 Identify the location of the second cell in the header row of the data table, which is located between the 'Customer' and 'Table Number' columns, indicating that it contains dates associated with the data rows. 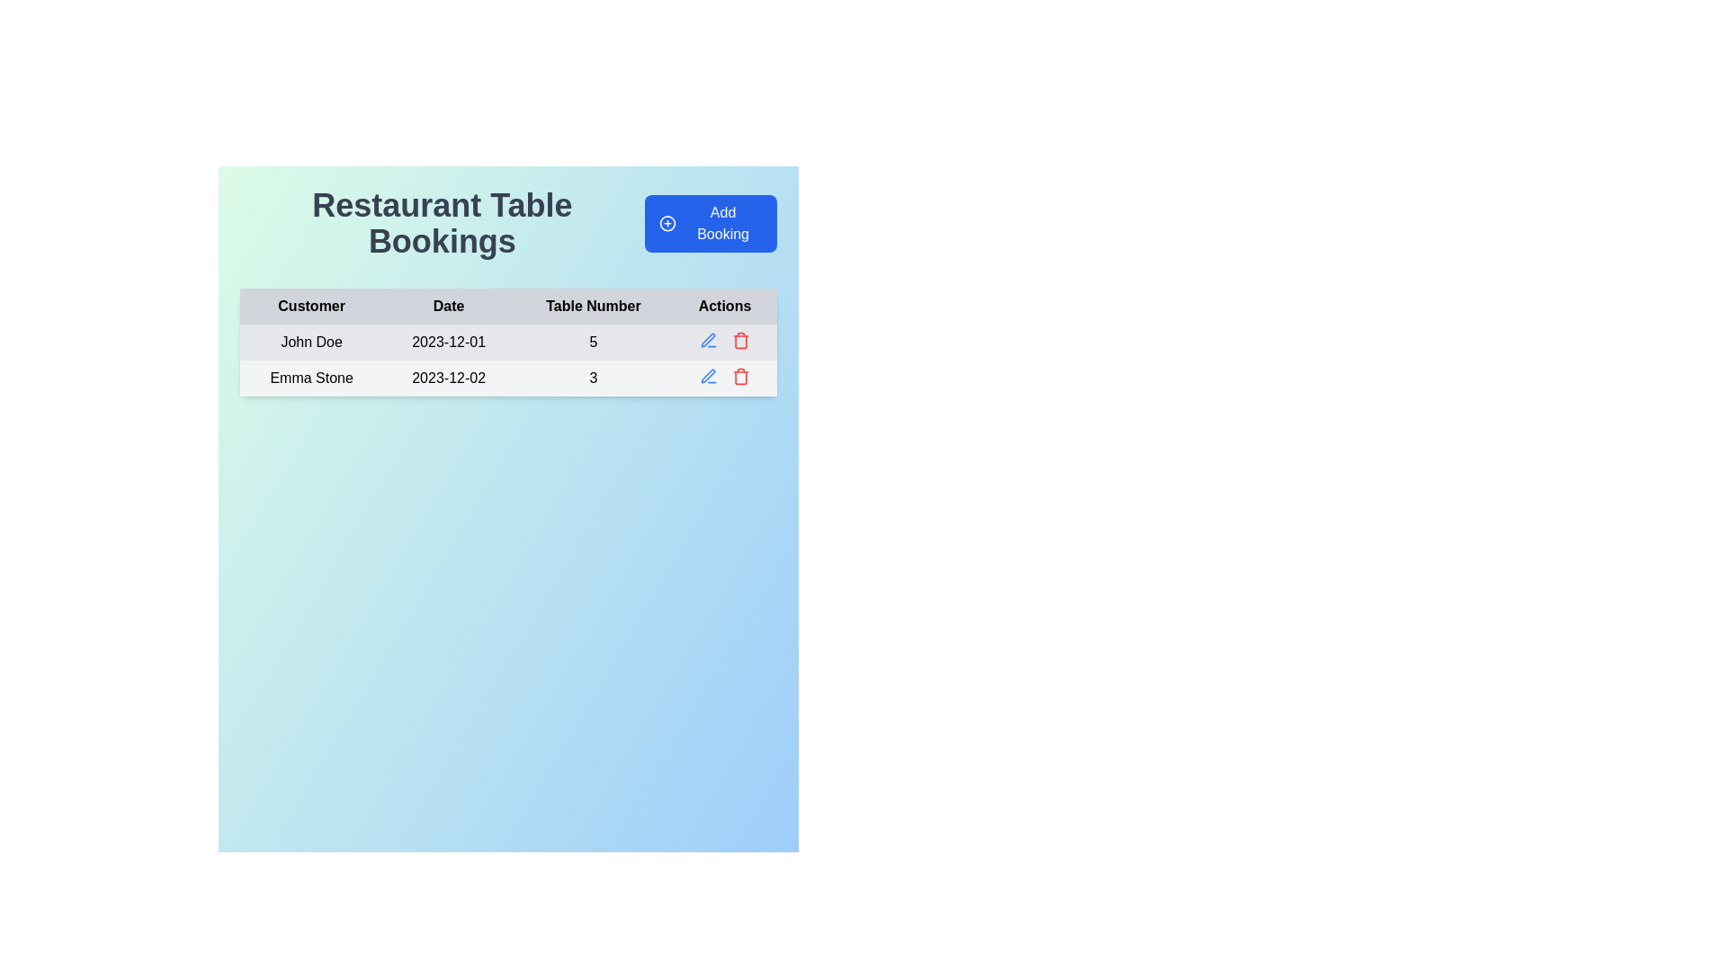
(449, 305).